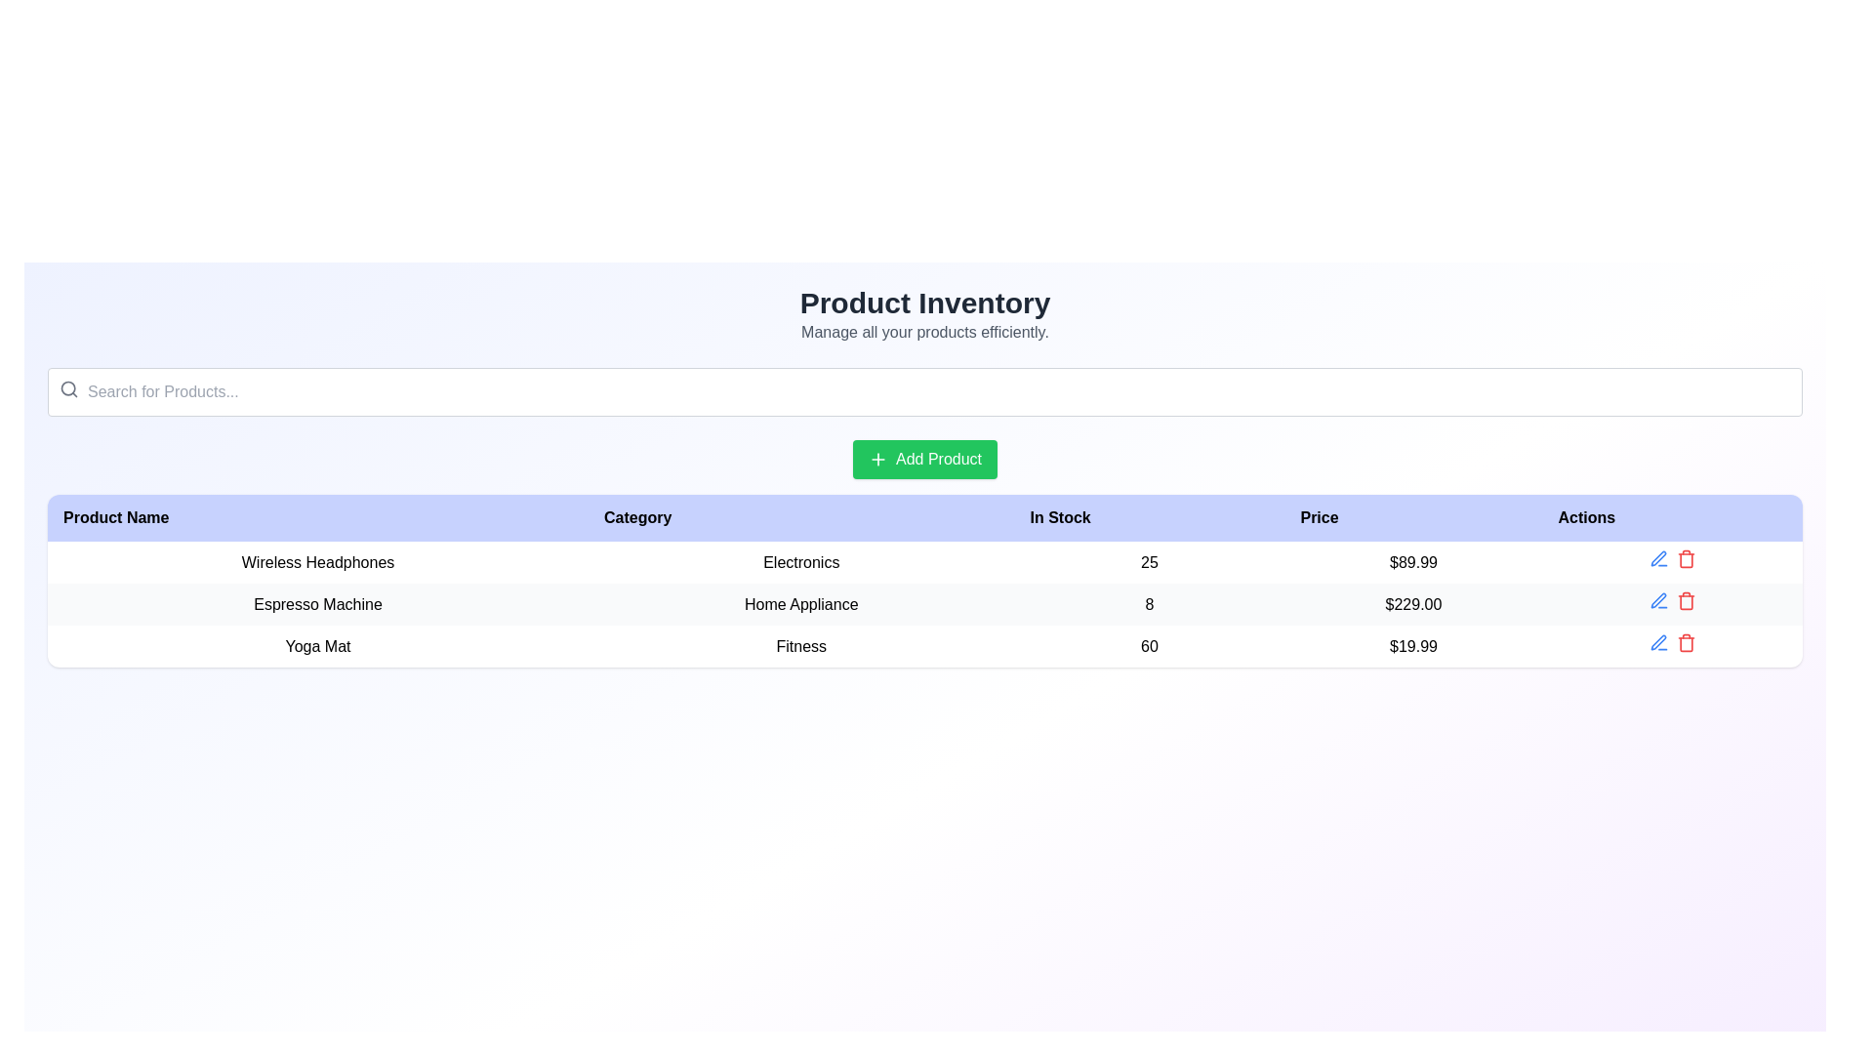 The height and width of the screenshot is (1054, 1874). I want to click on the 'Edit' action button associated with the 'Espresso Machine' product in the second row of the table to initiate edit, so click(1657, 559).